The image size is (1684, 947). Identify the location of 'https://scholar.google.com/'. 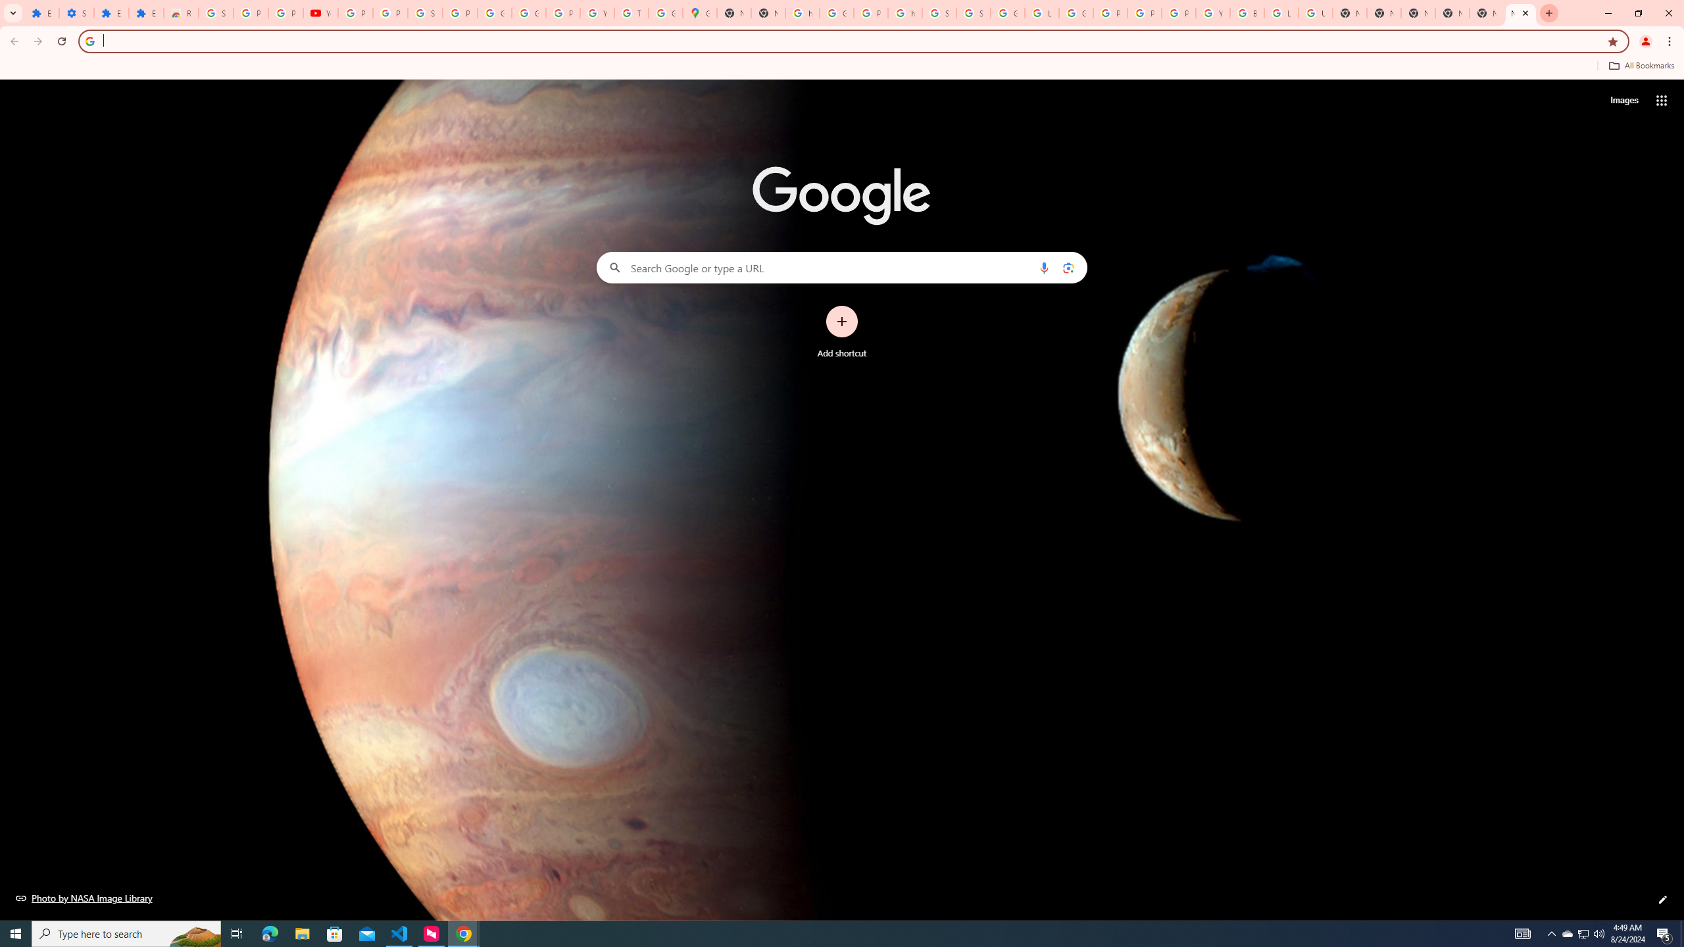
(801, 12).